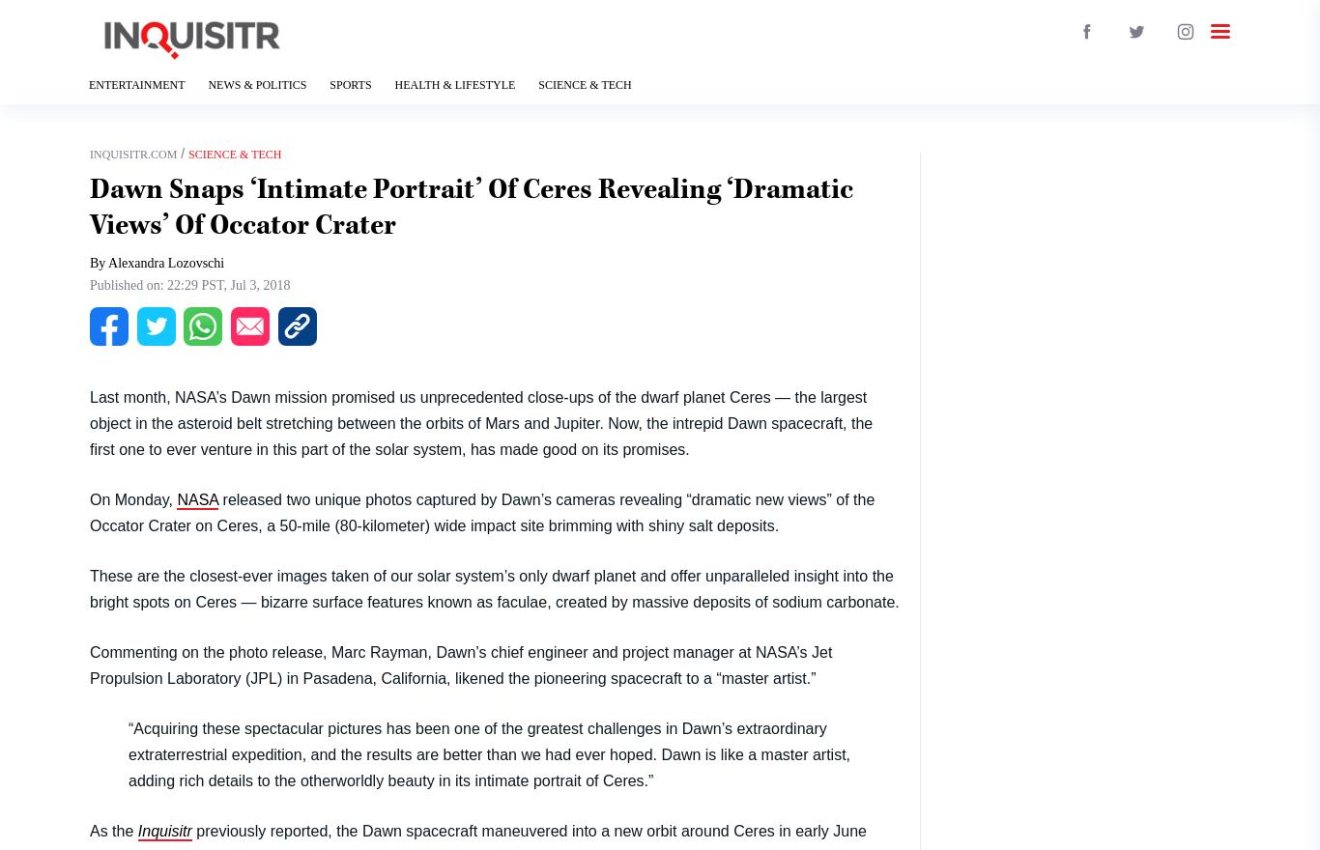 This screenshot has height=850, width=1320. What do you see at coordinates (461, 663) in the screenshot?
I see `'Commenting on the photo release, Marc Rayman, Dawn’s chief engineer and project manager at NASA’s Jet Propulsion Laboratory (JPL) in Pasadena, California, likened the pioneering spacecraft to a “master artist.”'` at bounding box center [461, 663].